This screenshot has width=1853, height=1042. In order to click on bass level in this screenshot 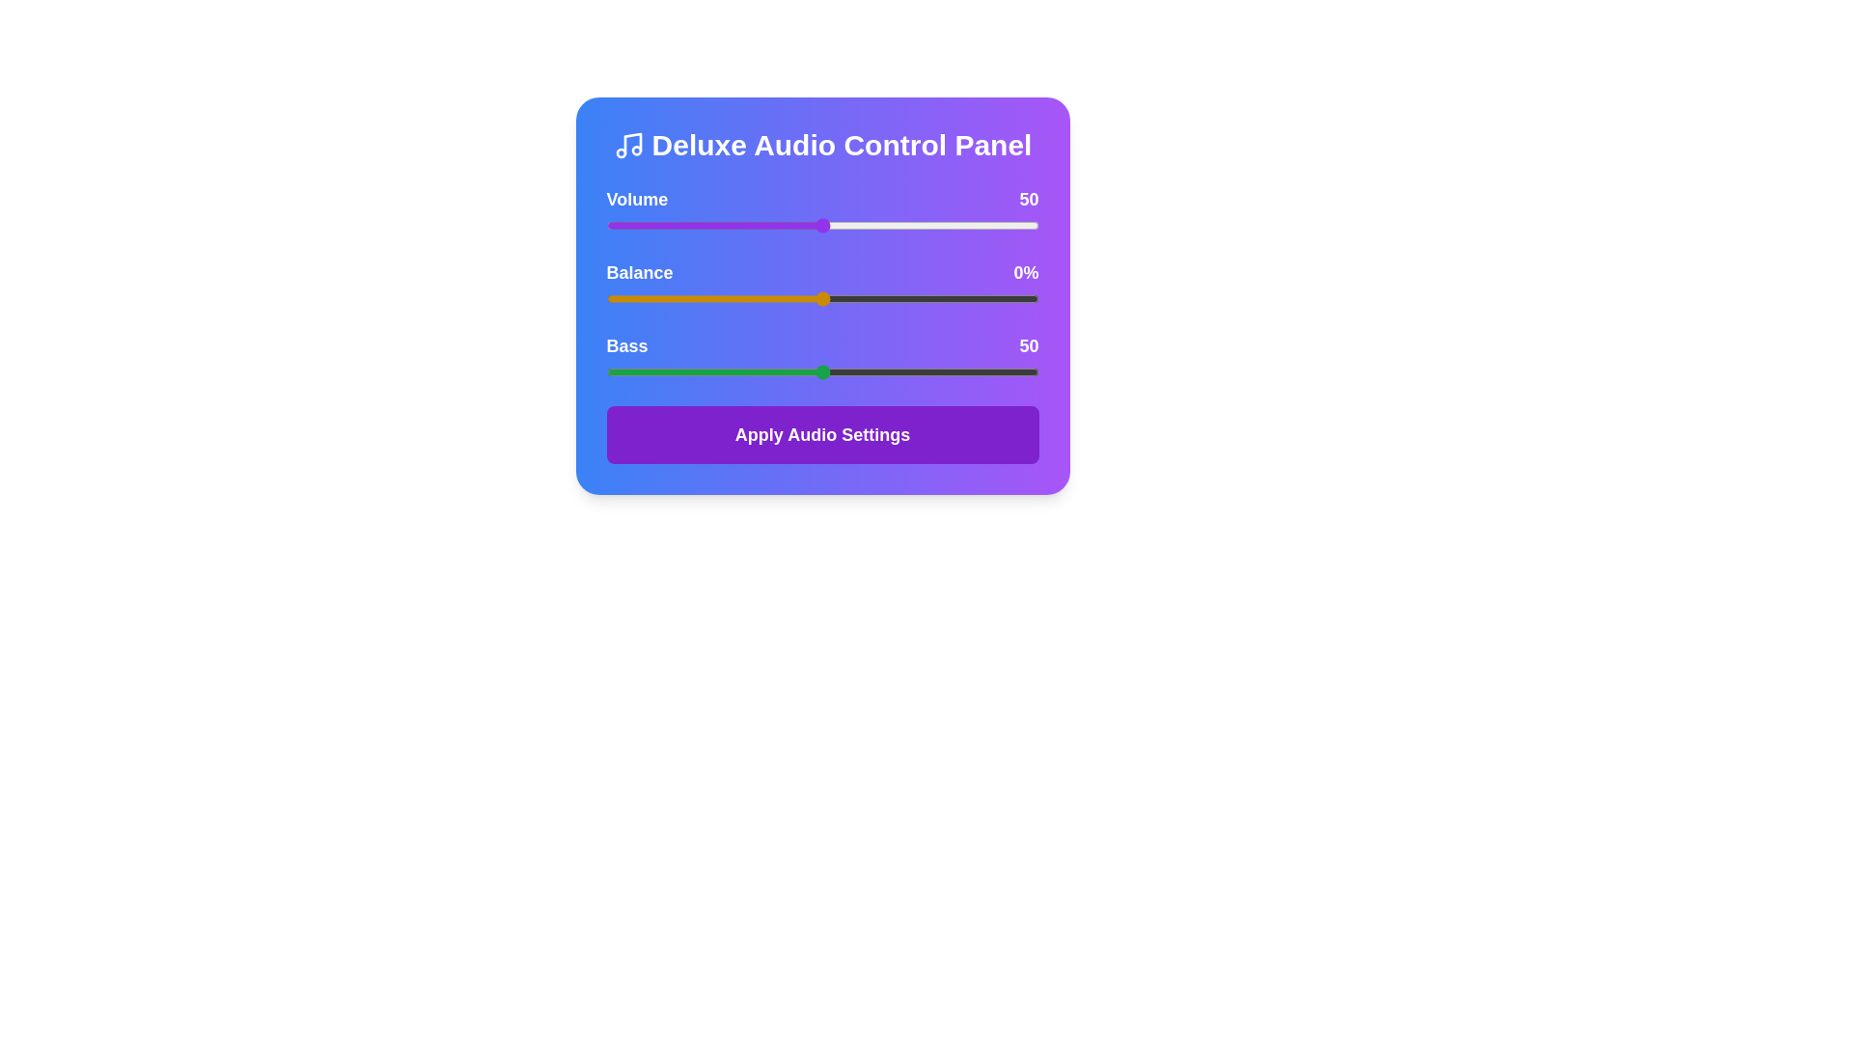, I will do `click(943, 371)`.